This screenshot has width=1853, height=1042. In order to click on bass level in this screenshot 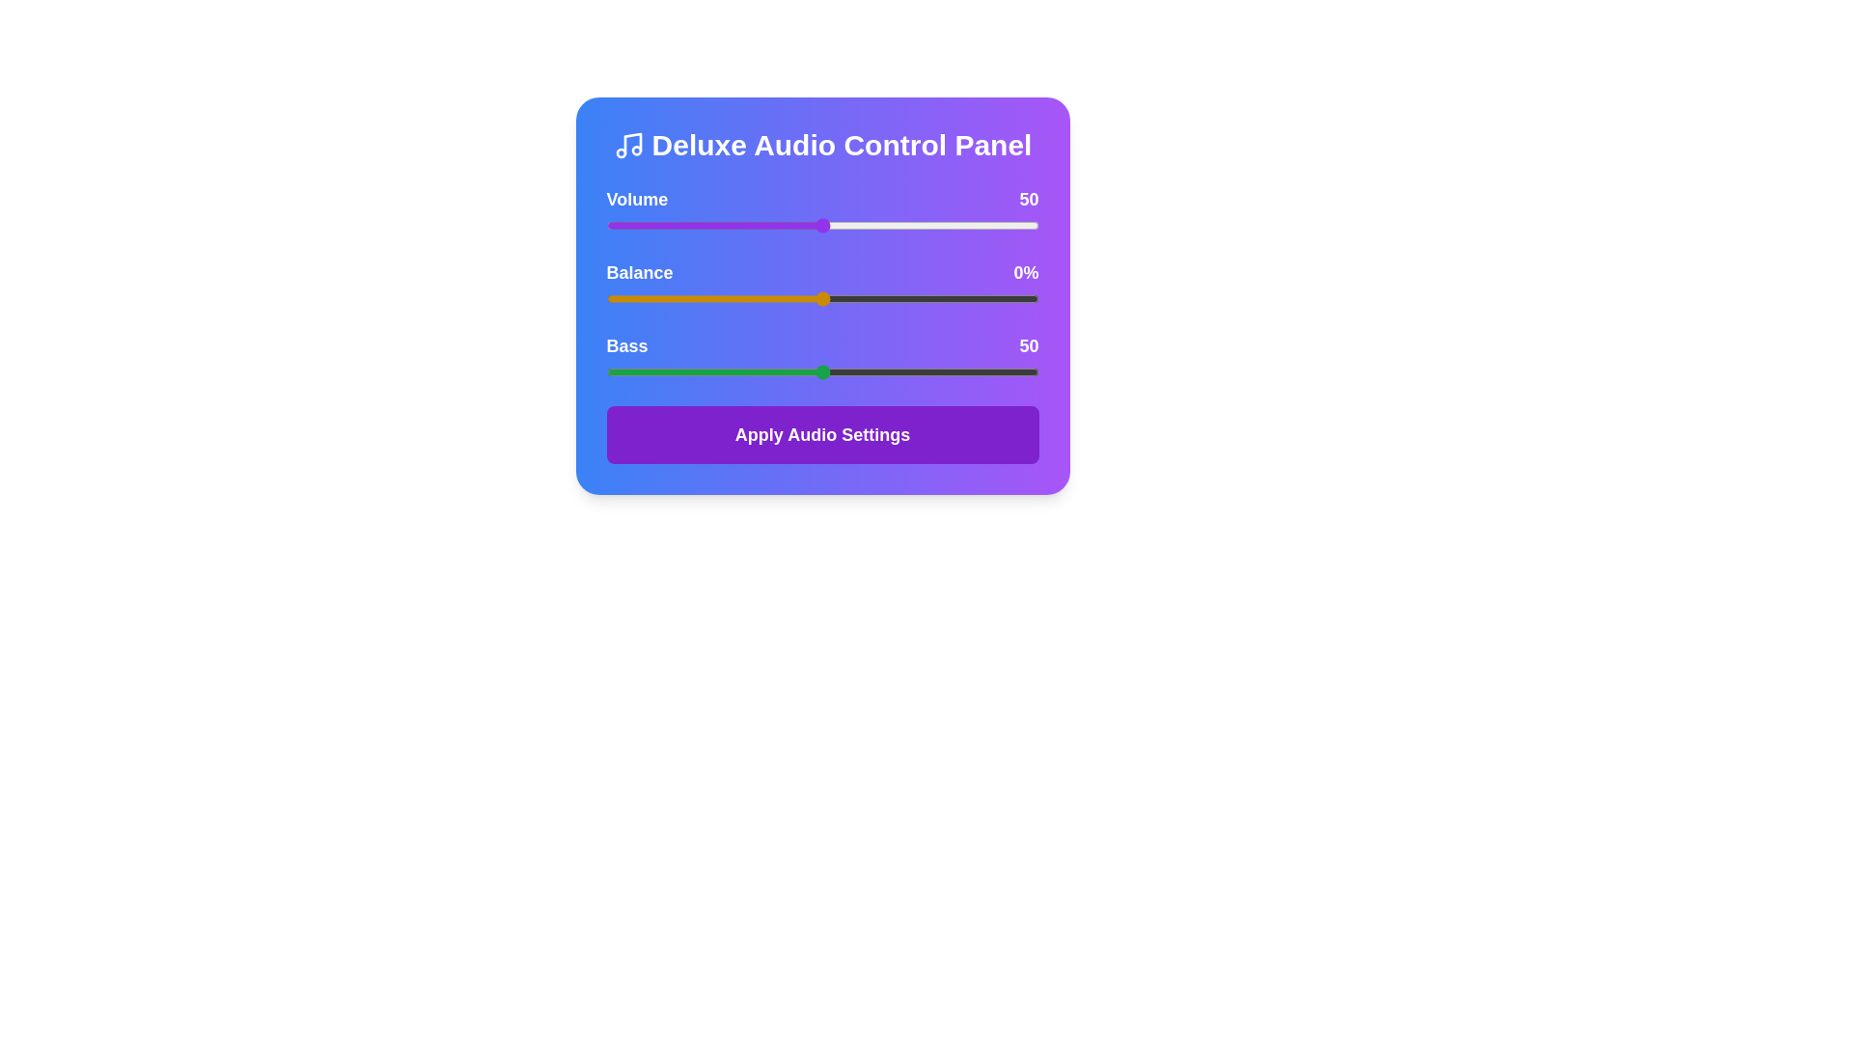, I will do `click(943, 371)`.